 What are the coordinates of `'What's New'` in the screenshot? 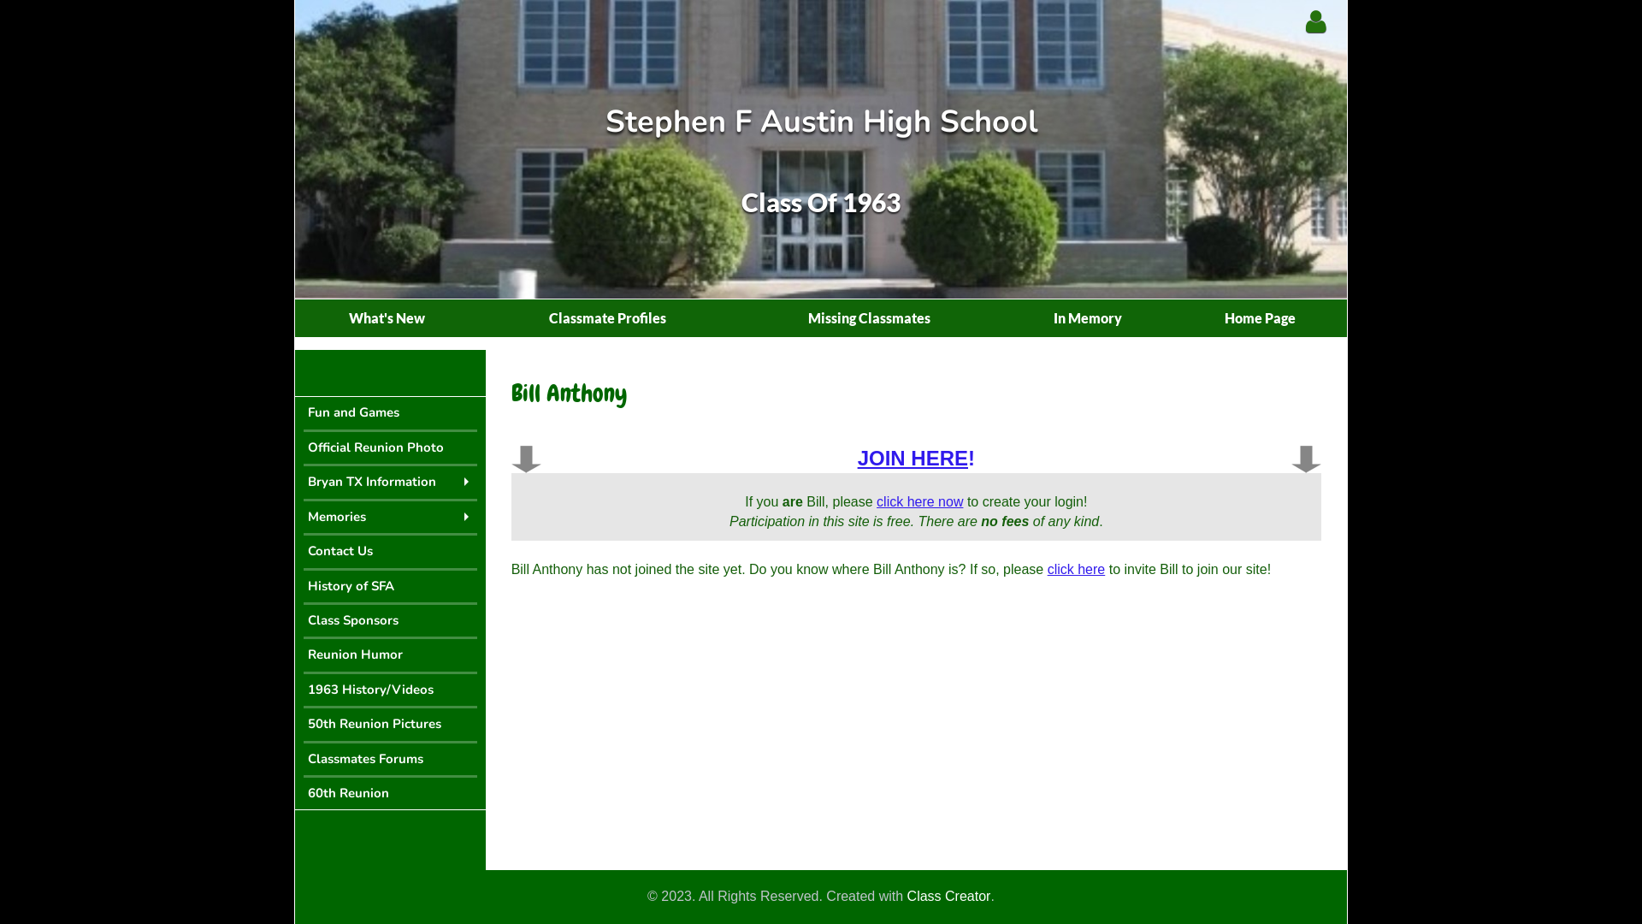 It's located at (386, 317).